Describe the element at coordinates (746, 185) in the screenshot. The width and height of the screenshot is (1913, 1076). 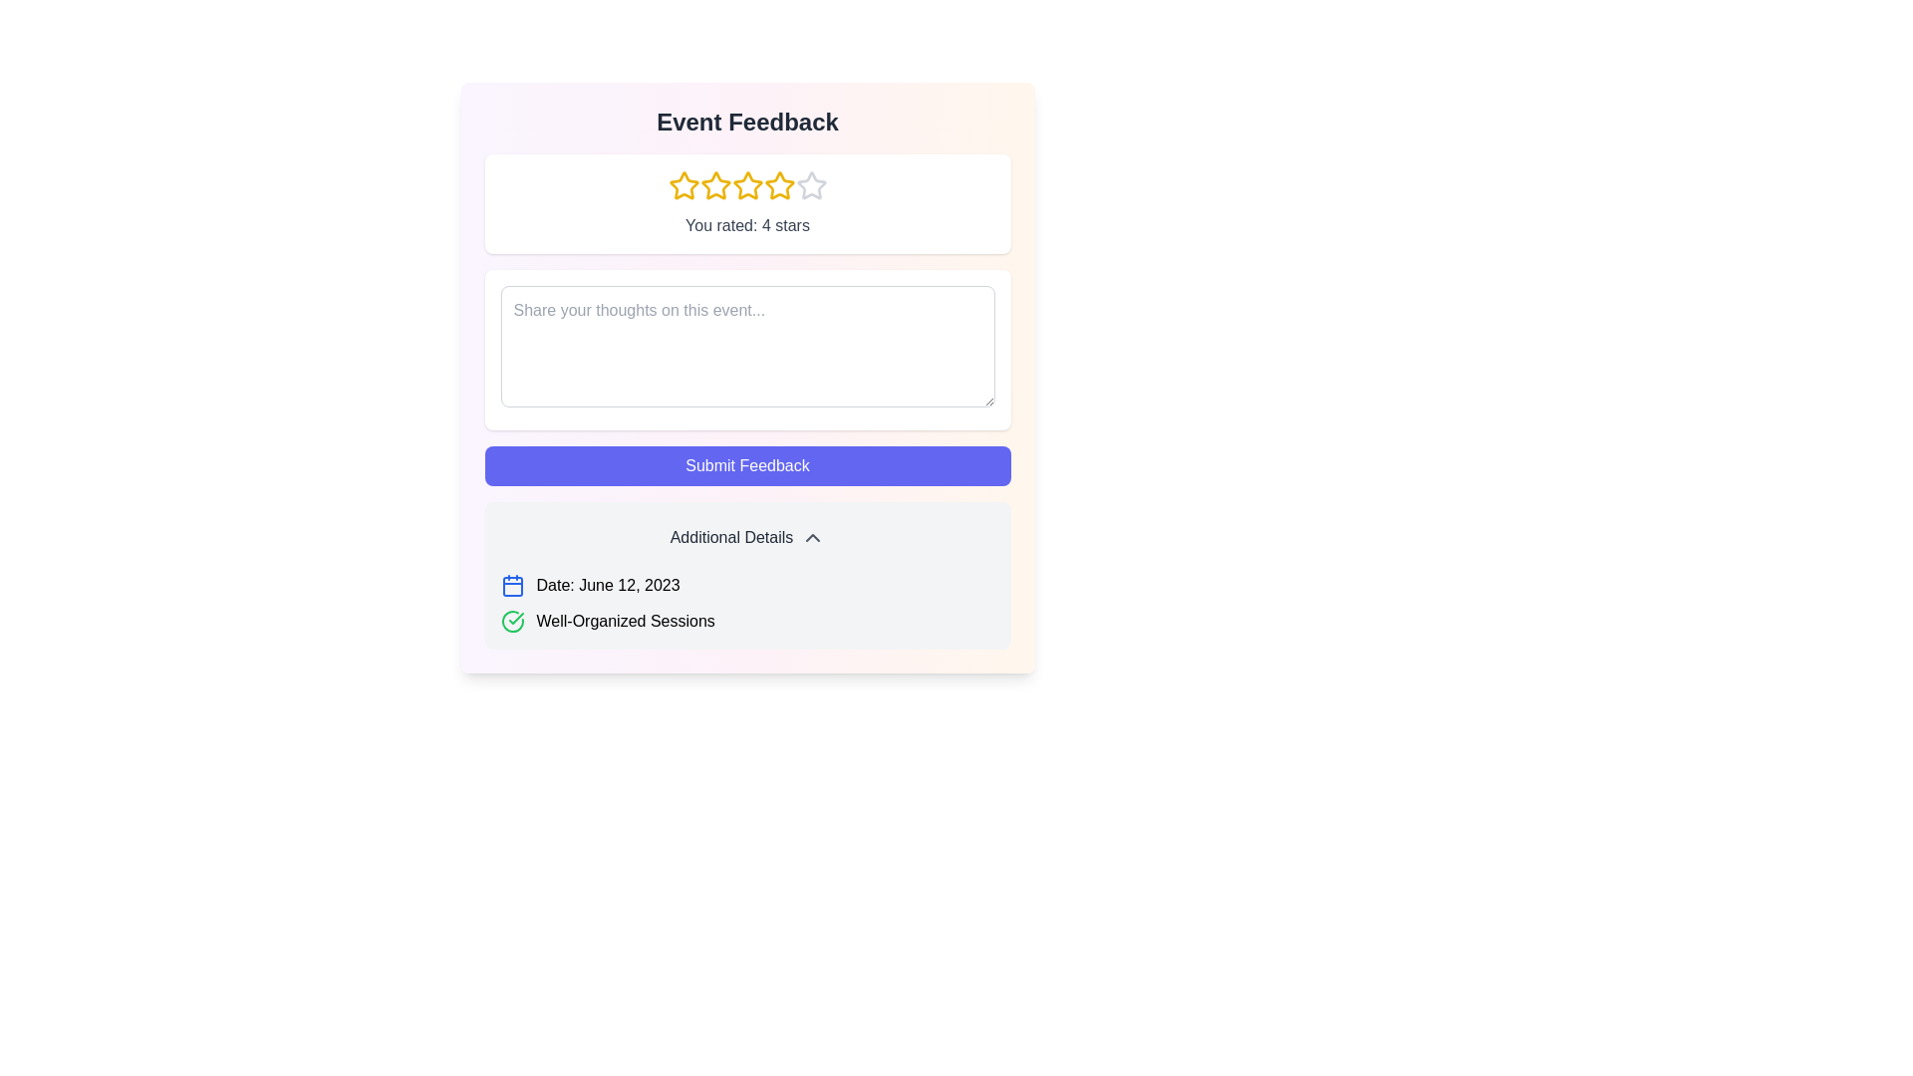
I see `the fourth star-shaped rating icon, which is yellow-filled and outlined, located below the title 'Event Feedback'` at that location.